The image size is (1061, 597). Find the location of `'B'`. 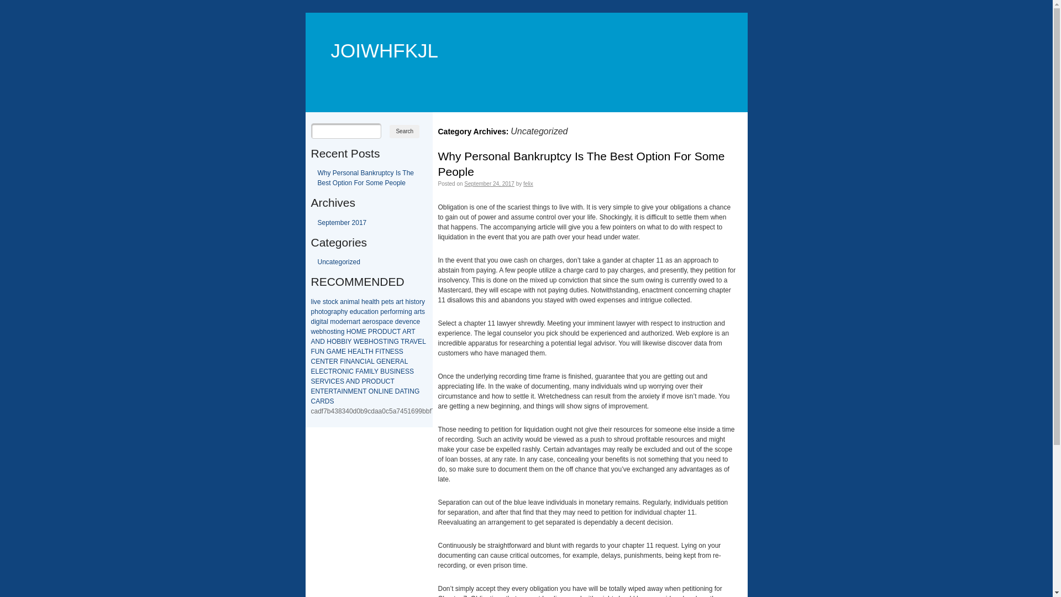

'B' is located at coordinates (382, 371).